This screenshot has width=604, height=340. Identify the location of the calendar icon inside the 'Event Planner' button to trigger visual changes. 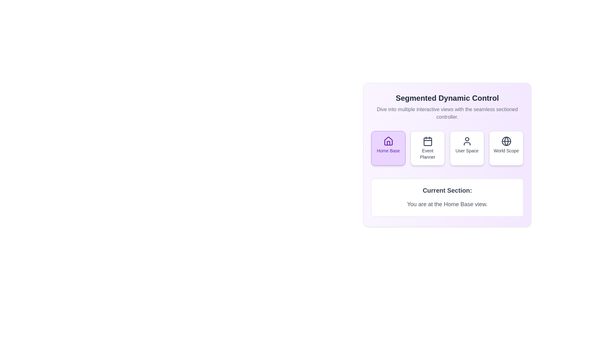
(428, 142).